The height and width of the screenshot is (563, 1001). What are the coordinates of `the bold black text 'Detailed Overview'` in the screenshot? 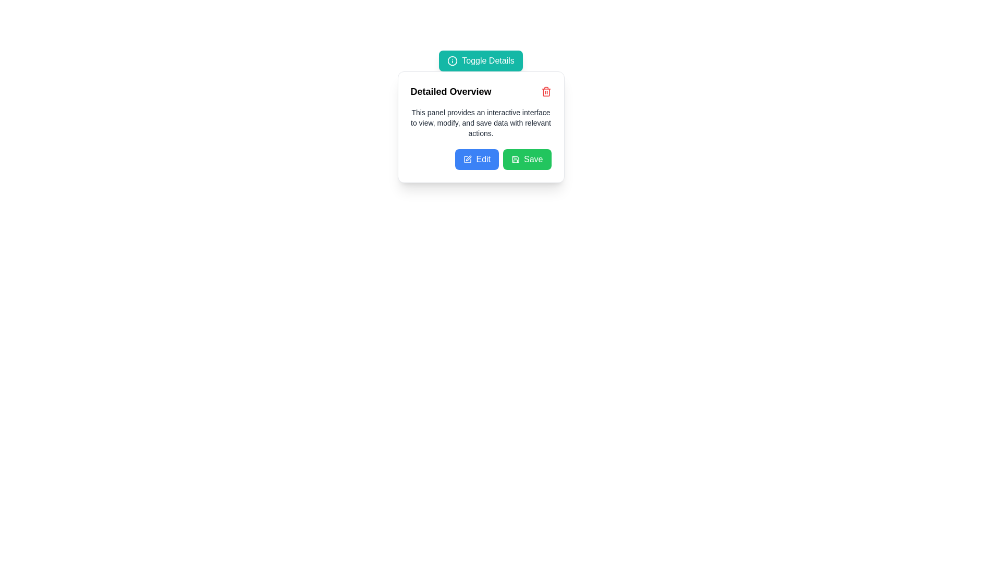 It's located at (480, 91).